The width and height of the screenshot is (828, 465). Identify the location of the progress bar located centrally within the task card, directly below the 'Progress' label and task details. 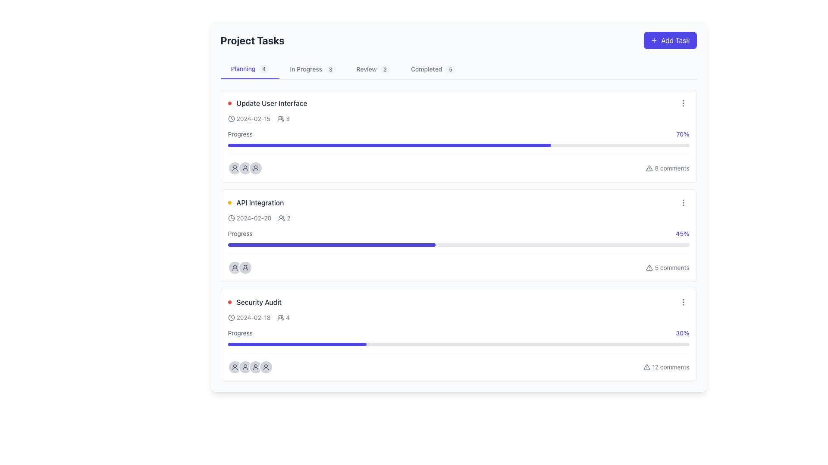
(458, 145).